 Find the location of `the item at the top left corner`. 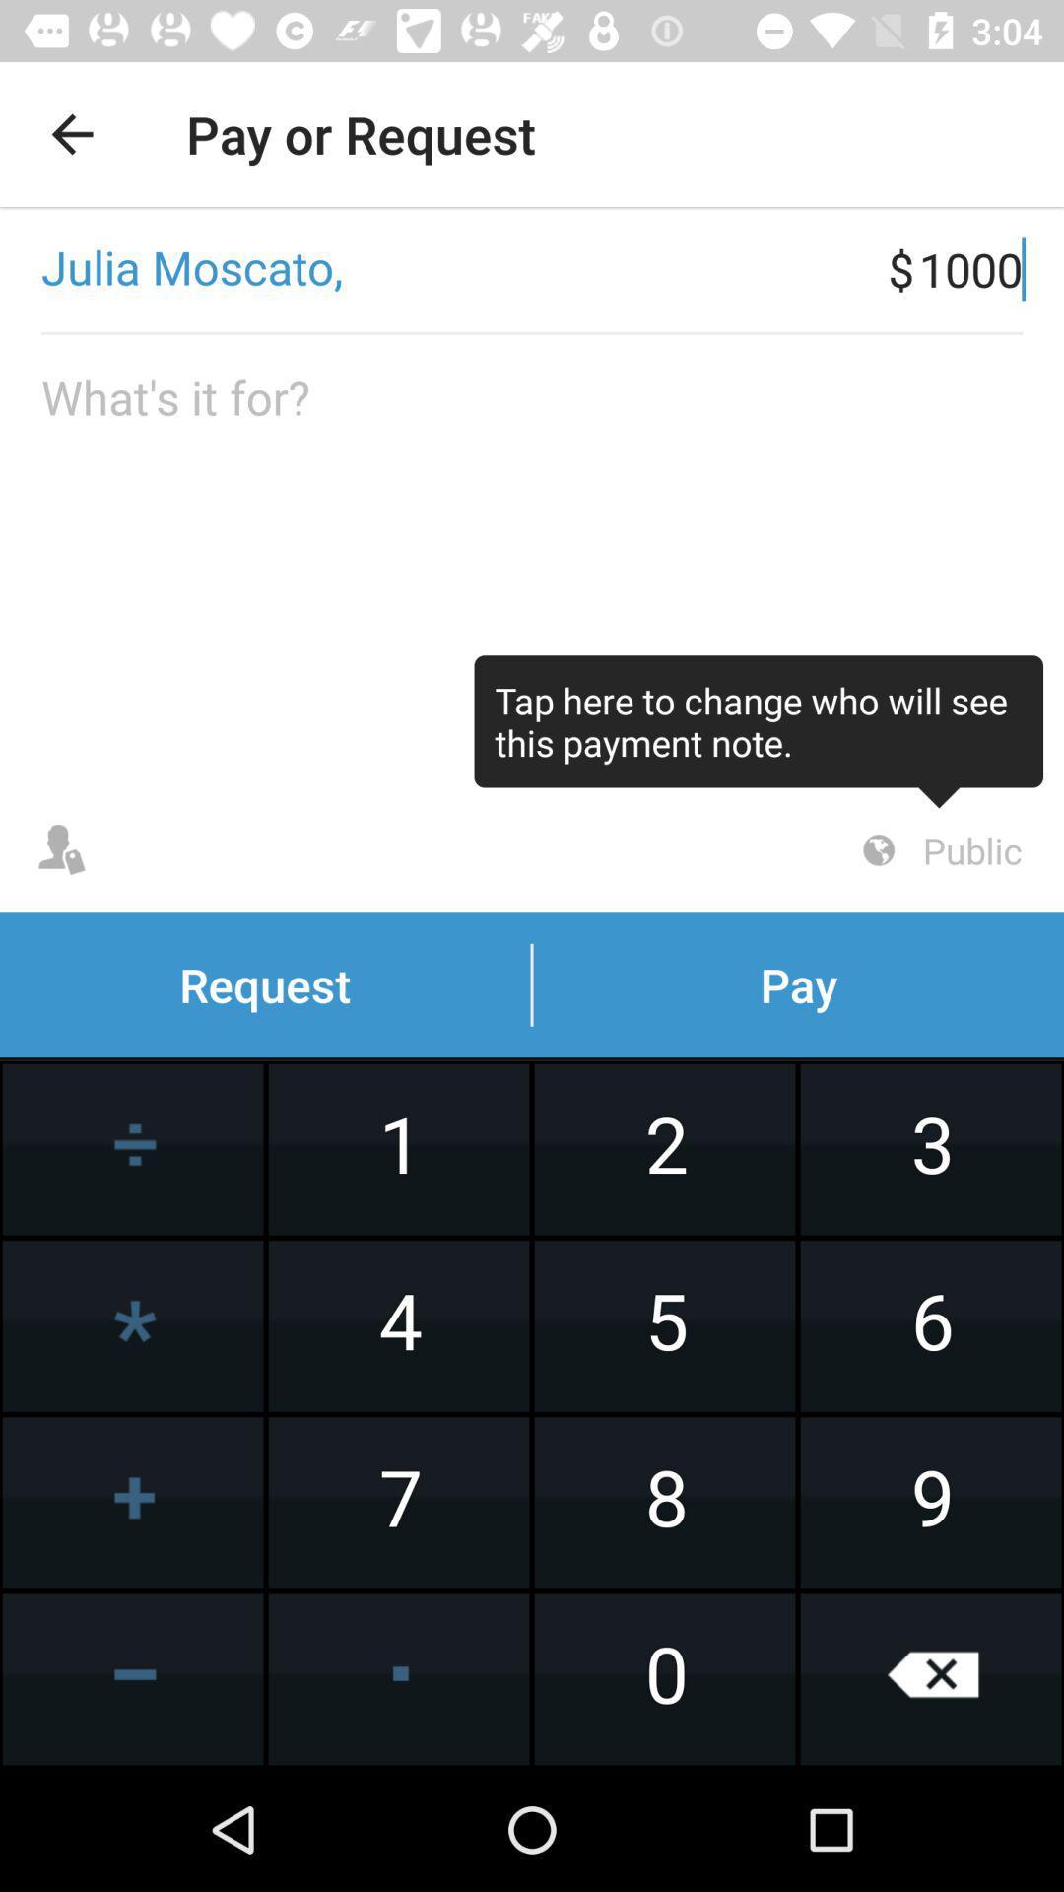

the item at the top left corner is located at coordinates (71, 133).